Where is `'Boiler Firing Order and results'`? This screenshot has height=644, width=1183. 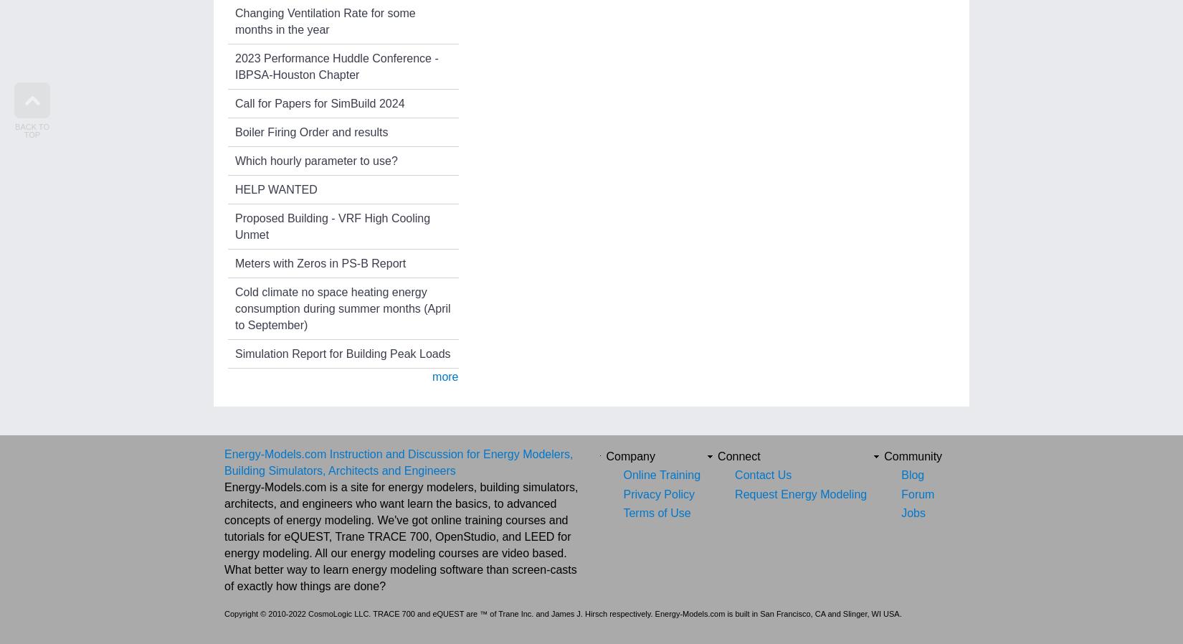
'Boiler Firing Order and results' is located at coordinates (235, 131).